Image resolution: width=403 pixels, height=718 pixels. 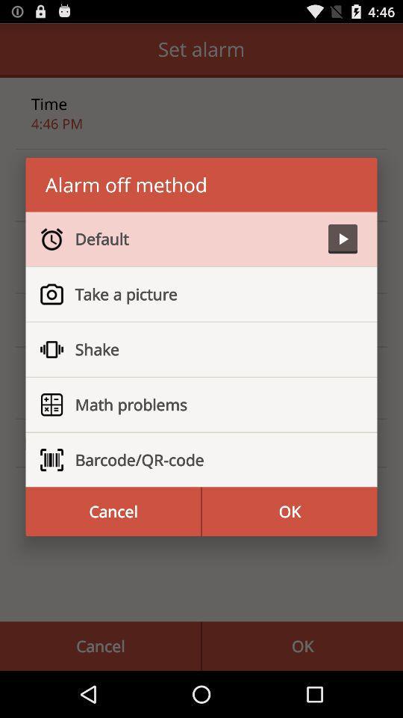 What do you see at coordinates (209, 459) in the screenshot?
I see `barcode/qr-code app` at bounding box center [209, 459].